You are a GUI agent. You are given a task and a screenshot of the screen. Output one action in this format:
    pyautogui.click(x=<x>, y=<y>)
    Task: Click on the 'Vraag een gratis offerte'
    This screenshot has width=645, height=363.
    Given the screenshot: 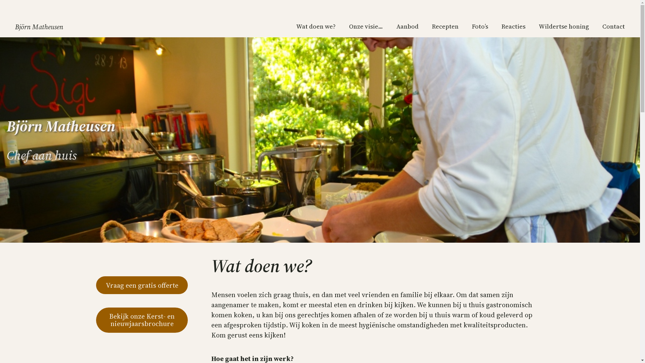 What is the action you would take?
    pyautogui.click(x=141, y=285)
    